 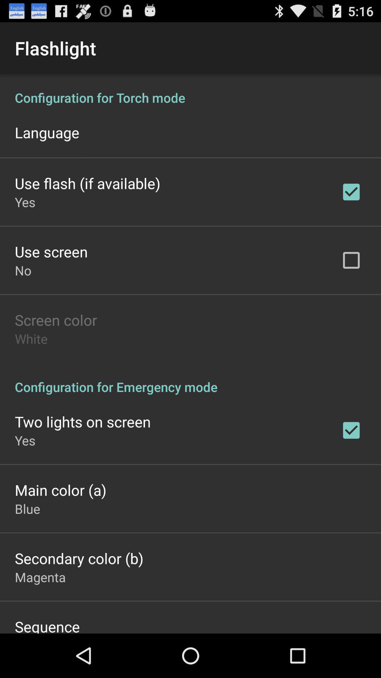 I want to click on item above white, so click(x=55, y=320).